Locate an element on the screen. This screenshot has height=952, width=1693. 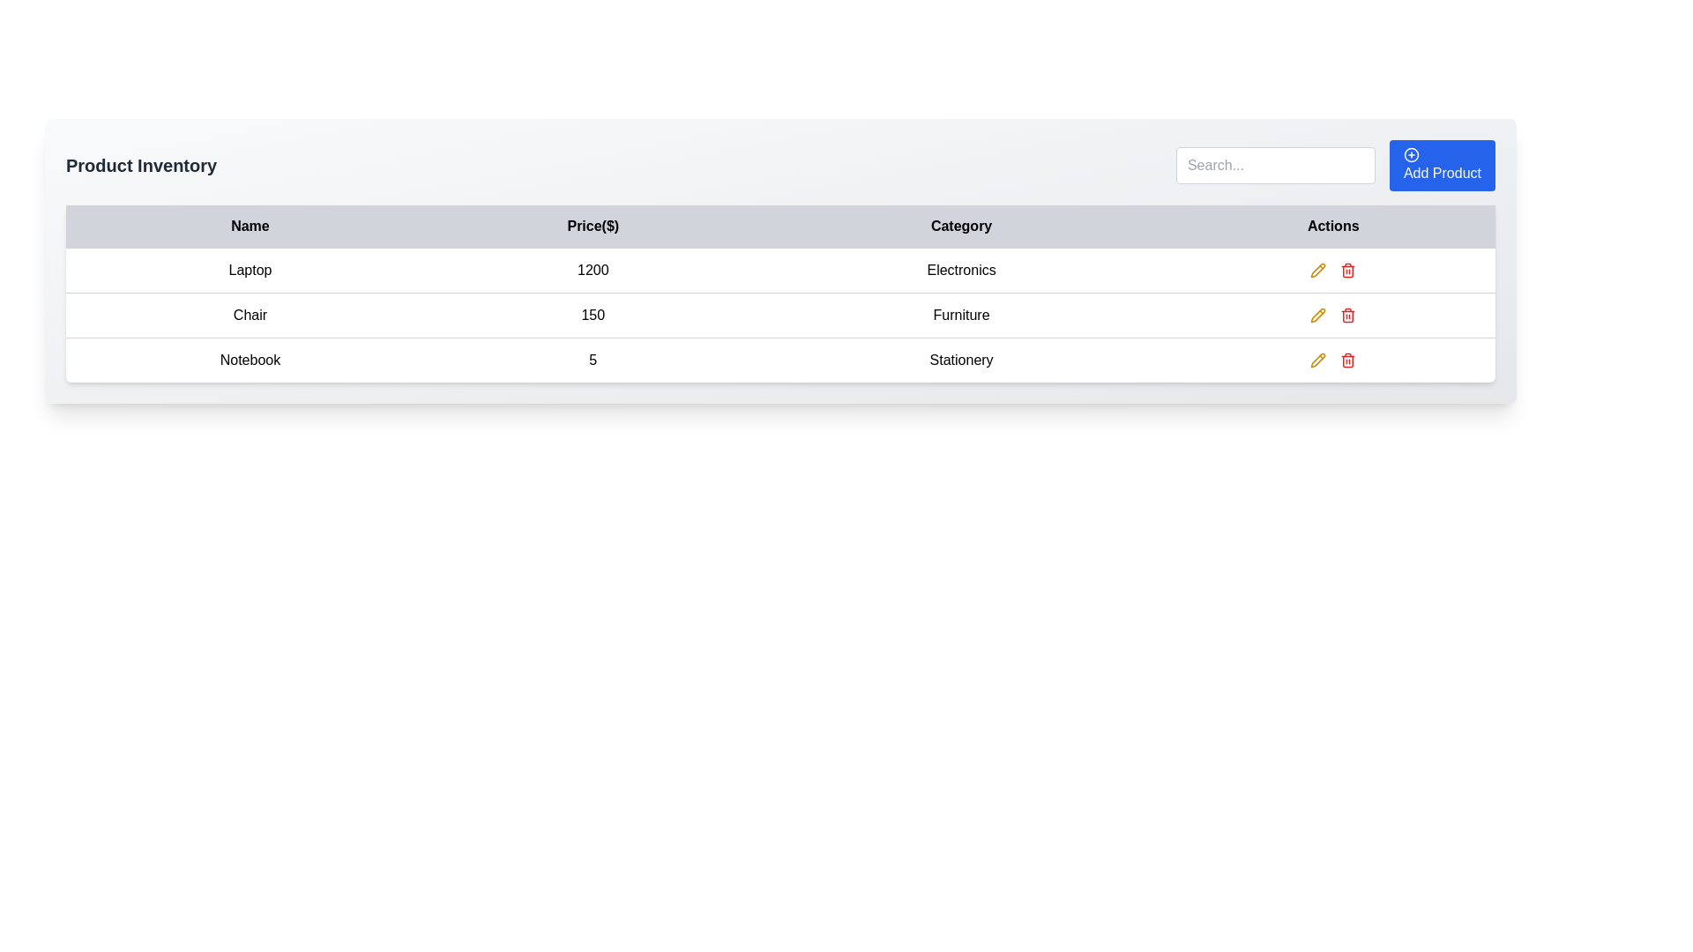
the 'add' icon located to the left of the blue 'Add Product' button near the top-right corner of the interface is located at coordinates (1411, 154).